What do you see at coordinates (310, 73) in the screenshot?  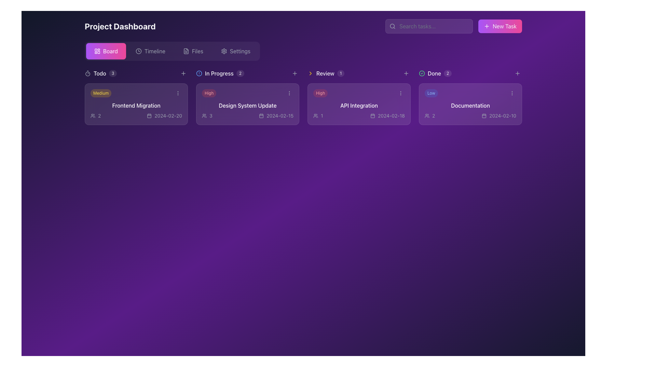 I see `the yellow rightward-pointing chevron icon` at bounding box center [310, 73].